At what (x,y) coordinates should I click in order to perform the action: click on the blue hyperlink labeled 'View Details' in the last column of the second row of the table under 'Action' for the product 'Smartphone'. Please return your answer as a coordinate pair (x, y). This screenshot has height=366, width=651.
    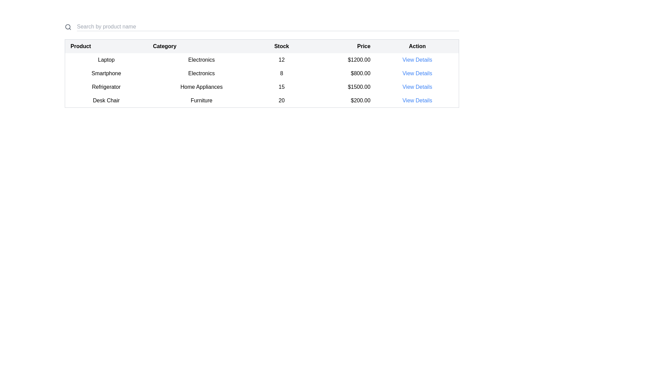
    Looking at the image, I should click on (417, 73).